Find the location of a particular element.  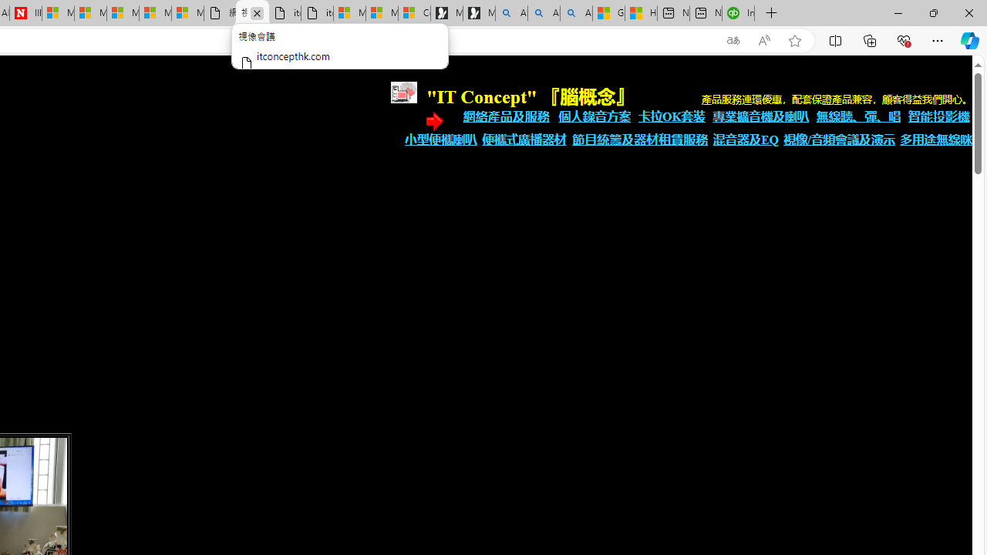

'Intuit QuickBooks Online - Quickbooks' is located at coordinates (737, 13).